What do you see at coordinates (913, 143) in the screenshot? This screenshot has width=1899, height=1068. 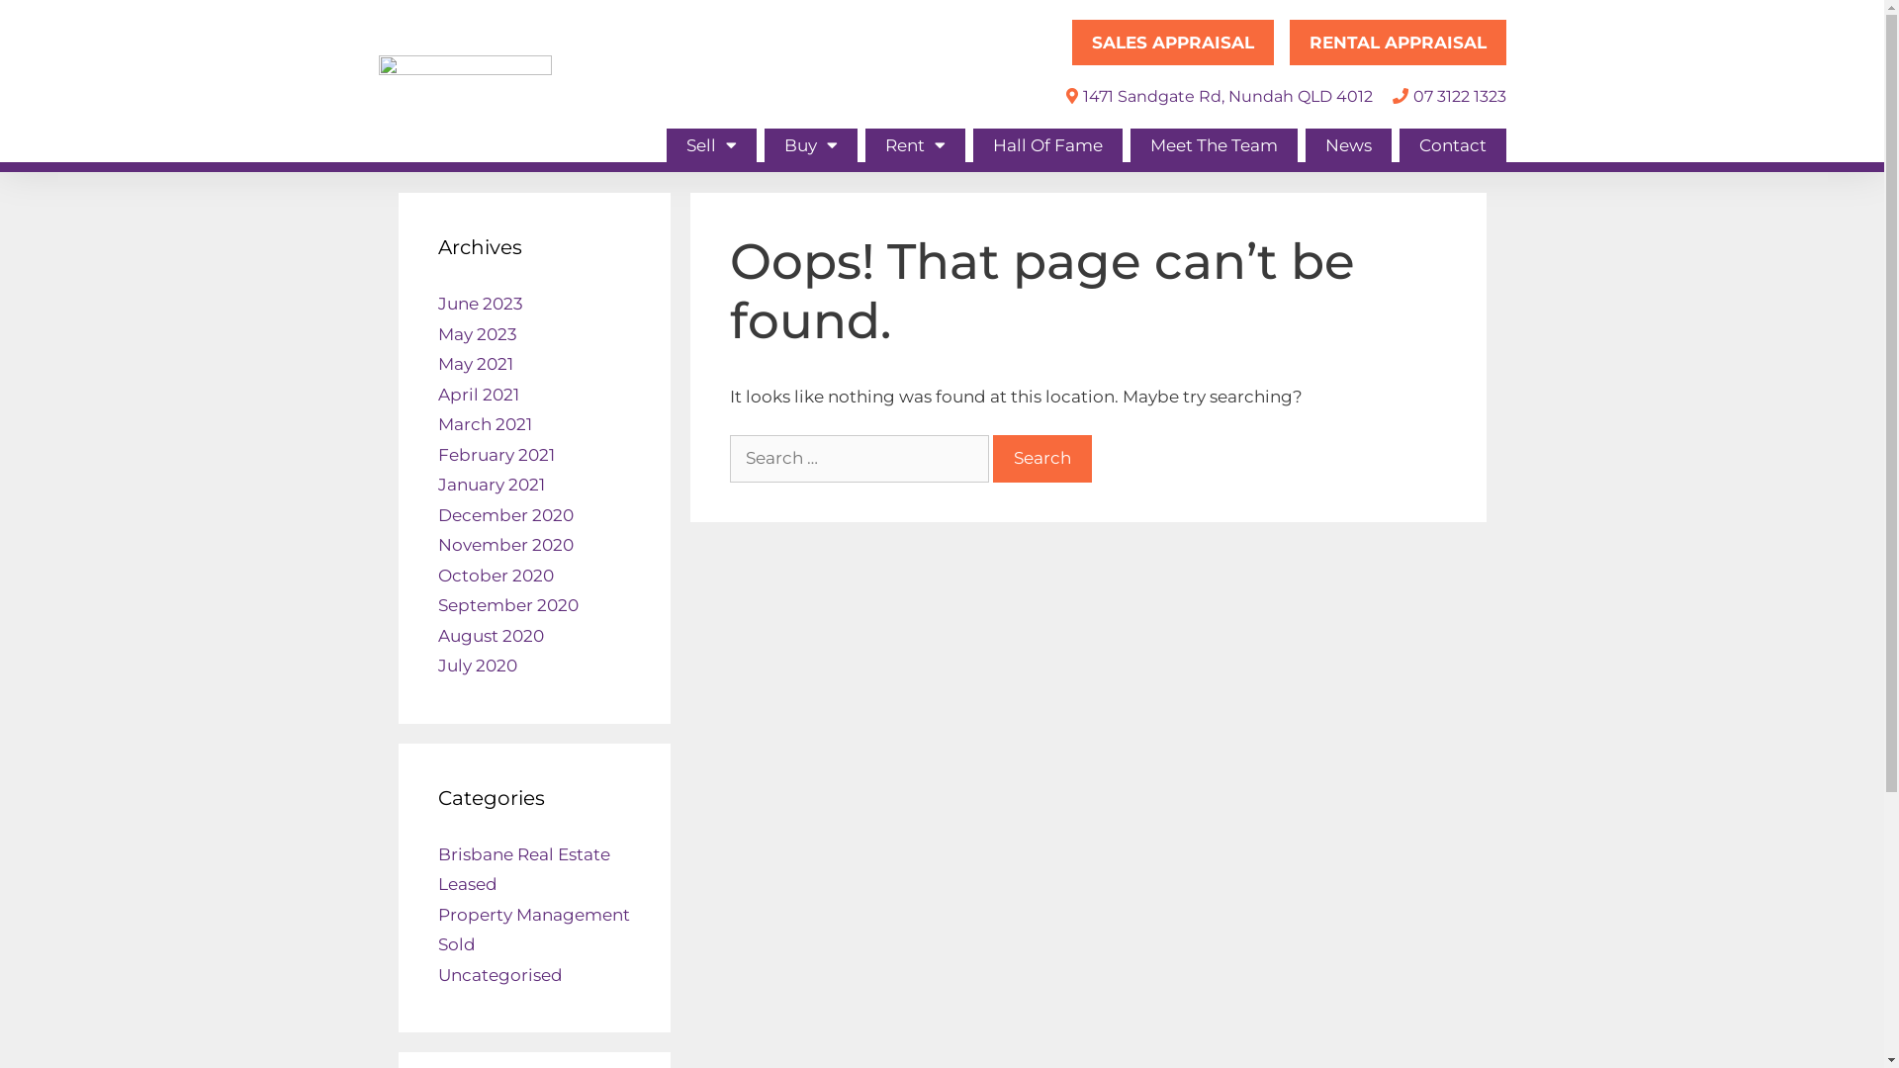 I see `'Rent'` at bounding box center [913, 143].